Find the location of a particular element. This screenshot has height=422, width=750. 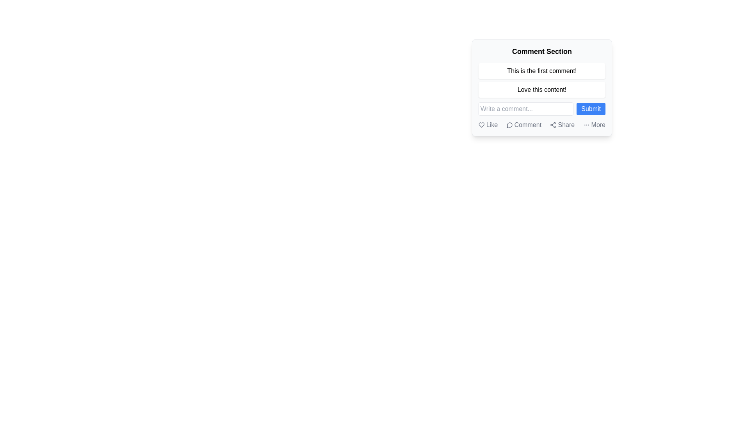

the Icon Button represented by three horizontally aligned small dots located in the 'More' button area is located at coordinates (586, 125).